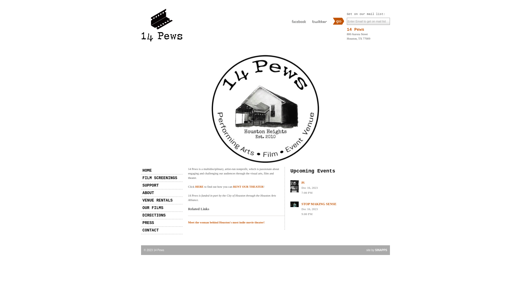 The image size is (531, 299). I want to click on 'DIRECTIONS', so click(162, 215).